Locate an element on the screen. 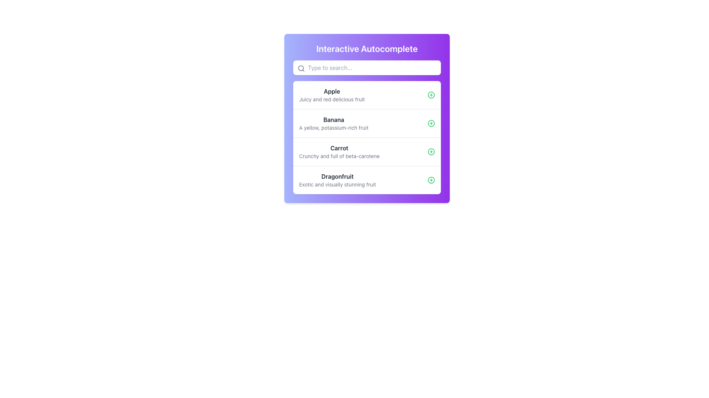 This screenshot has height=398, width=709. to select the list item displaying 'Carrot' with the description 'Crunchy and full of beta-carotene' is located at coordinates (339, 151).